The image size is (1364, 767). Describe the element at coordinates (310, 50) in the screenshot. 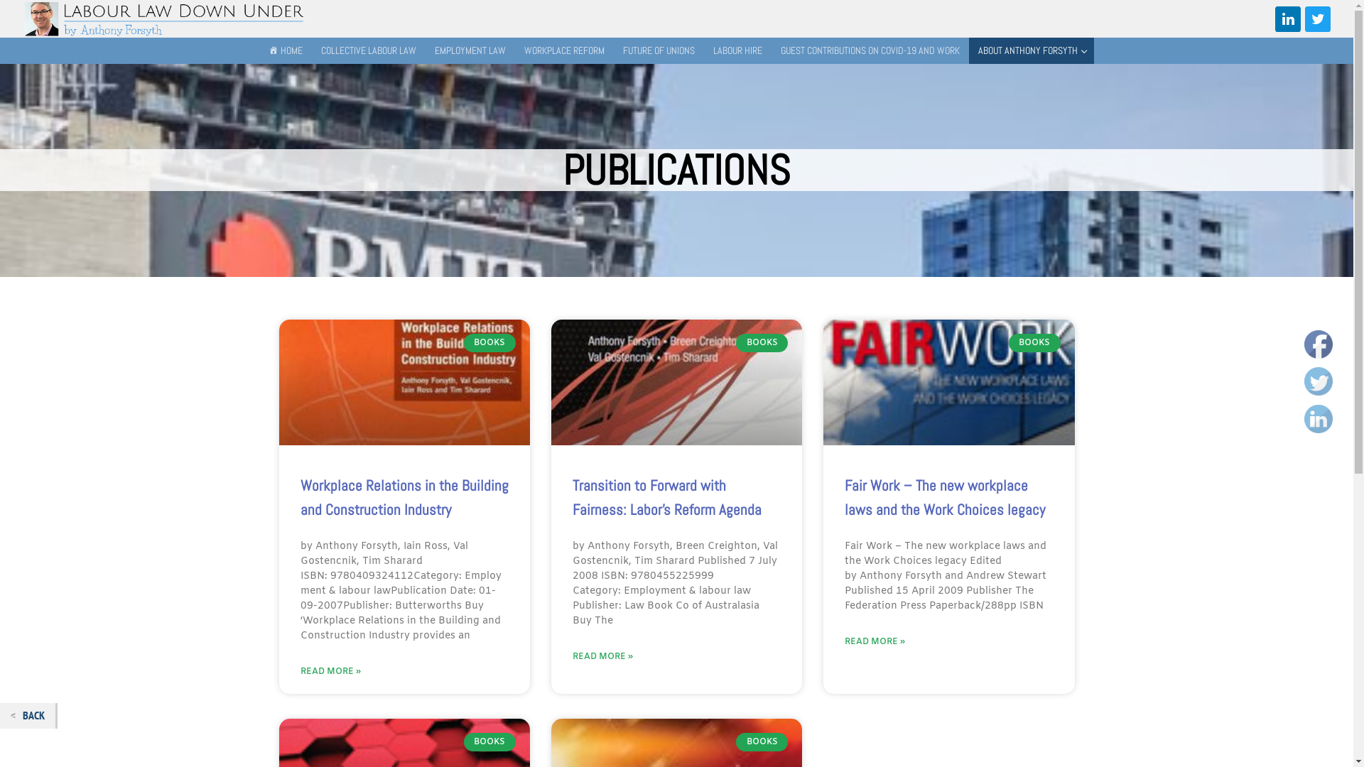

I see `'COLLECTIVE LABOUR LAW'` at that location.